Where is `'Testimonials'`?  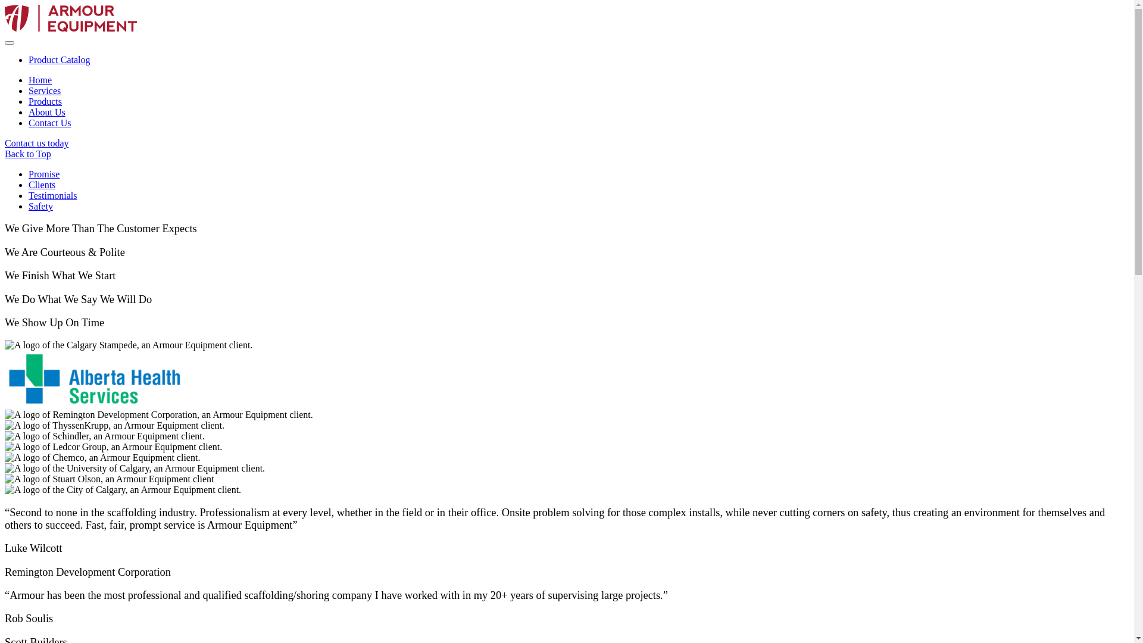
'Testimonials' is located at coordinates (29, 195).